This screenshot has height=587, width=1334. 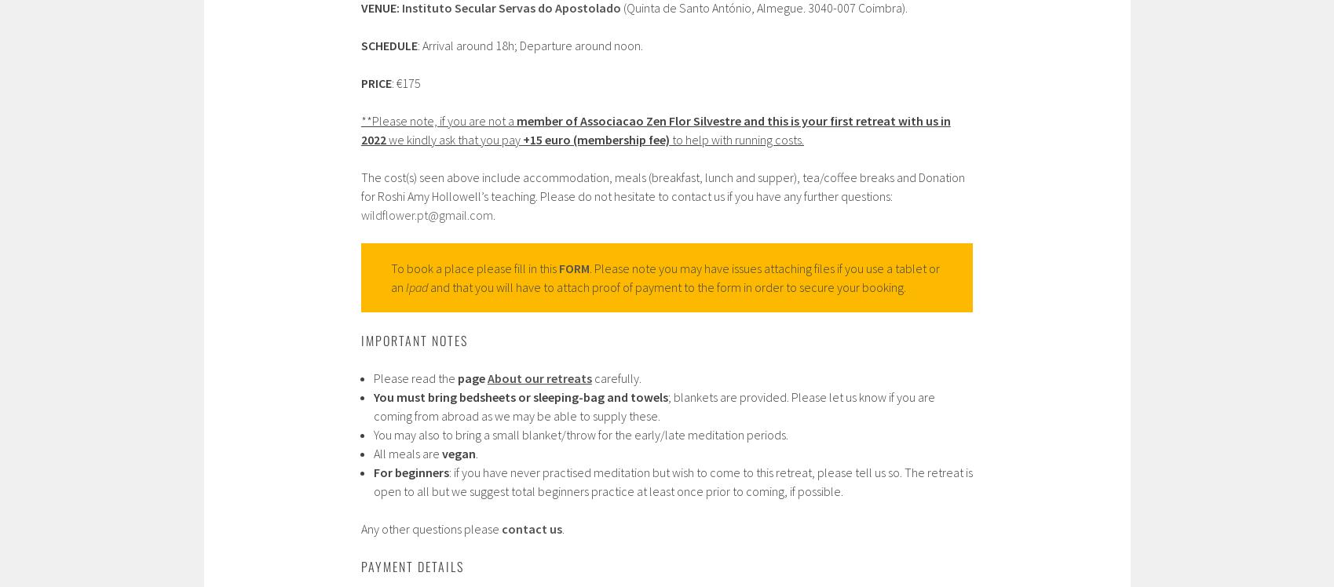 What do you see at coordinates (528, 43) in the screenshot?
I see `':  Arrival around 18h; Departure around noon.'` at bounding box center [528, 43].